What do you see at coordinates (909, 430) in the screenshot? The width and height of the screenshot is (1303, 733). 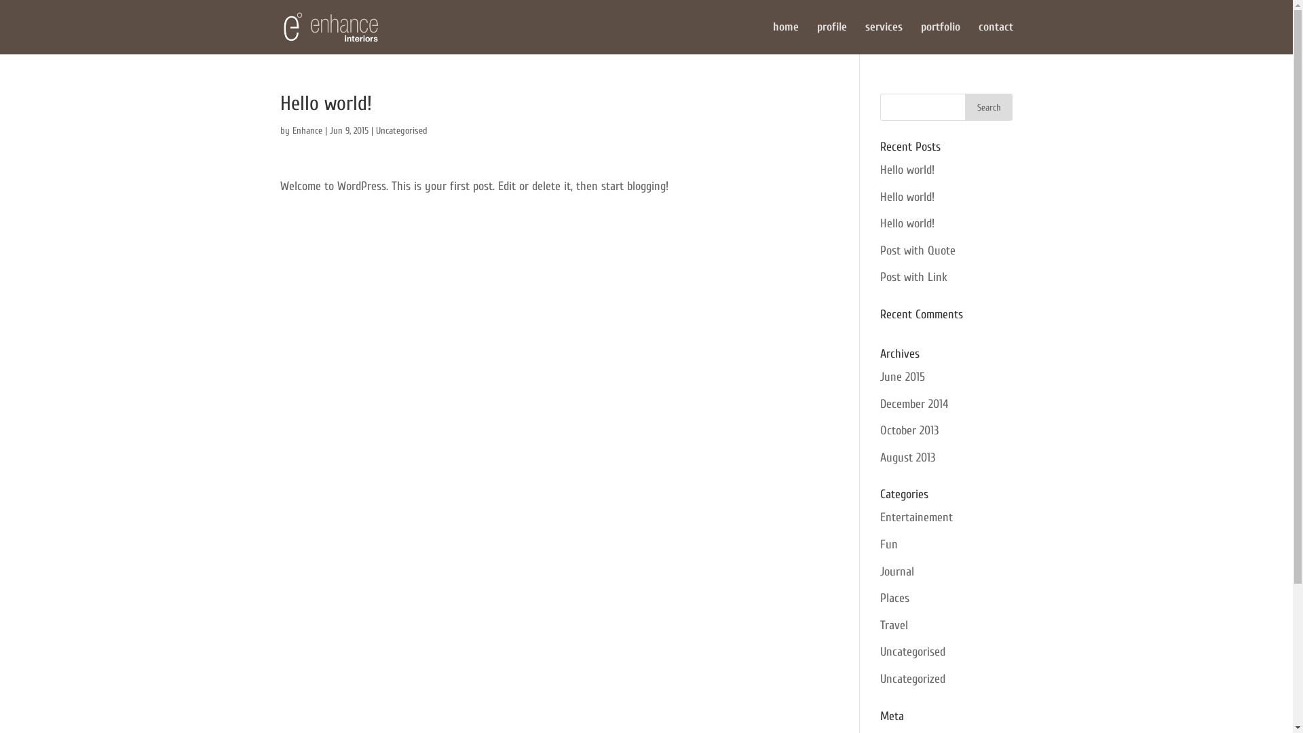 I see `'October 2013'` at bounding box center [909, 430].